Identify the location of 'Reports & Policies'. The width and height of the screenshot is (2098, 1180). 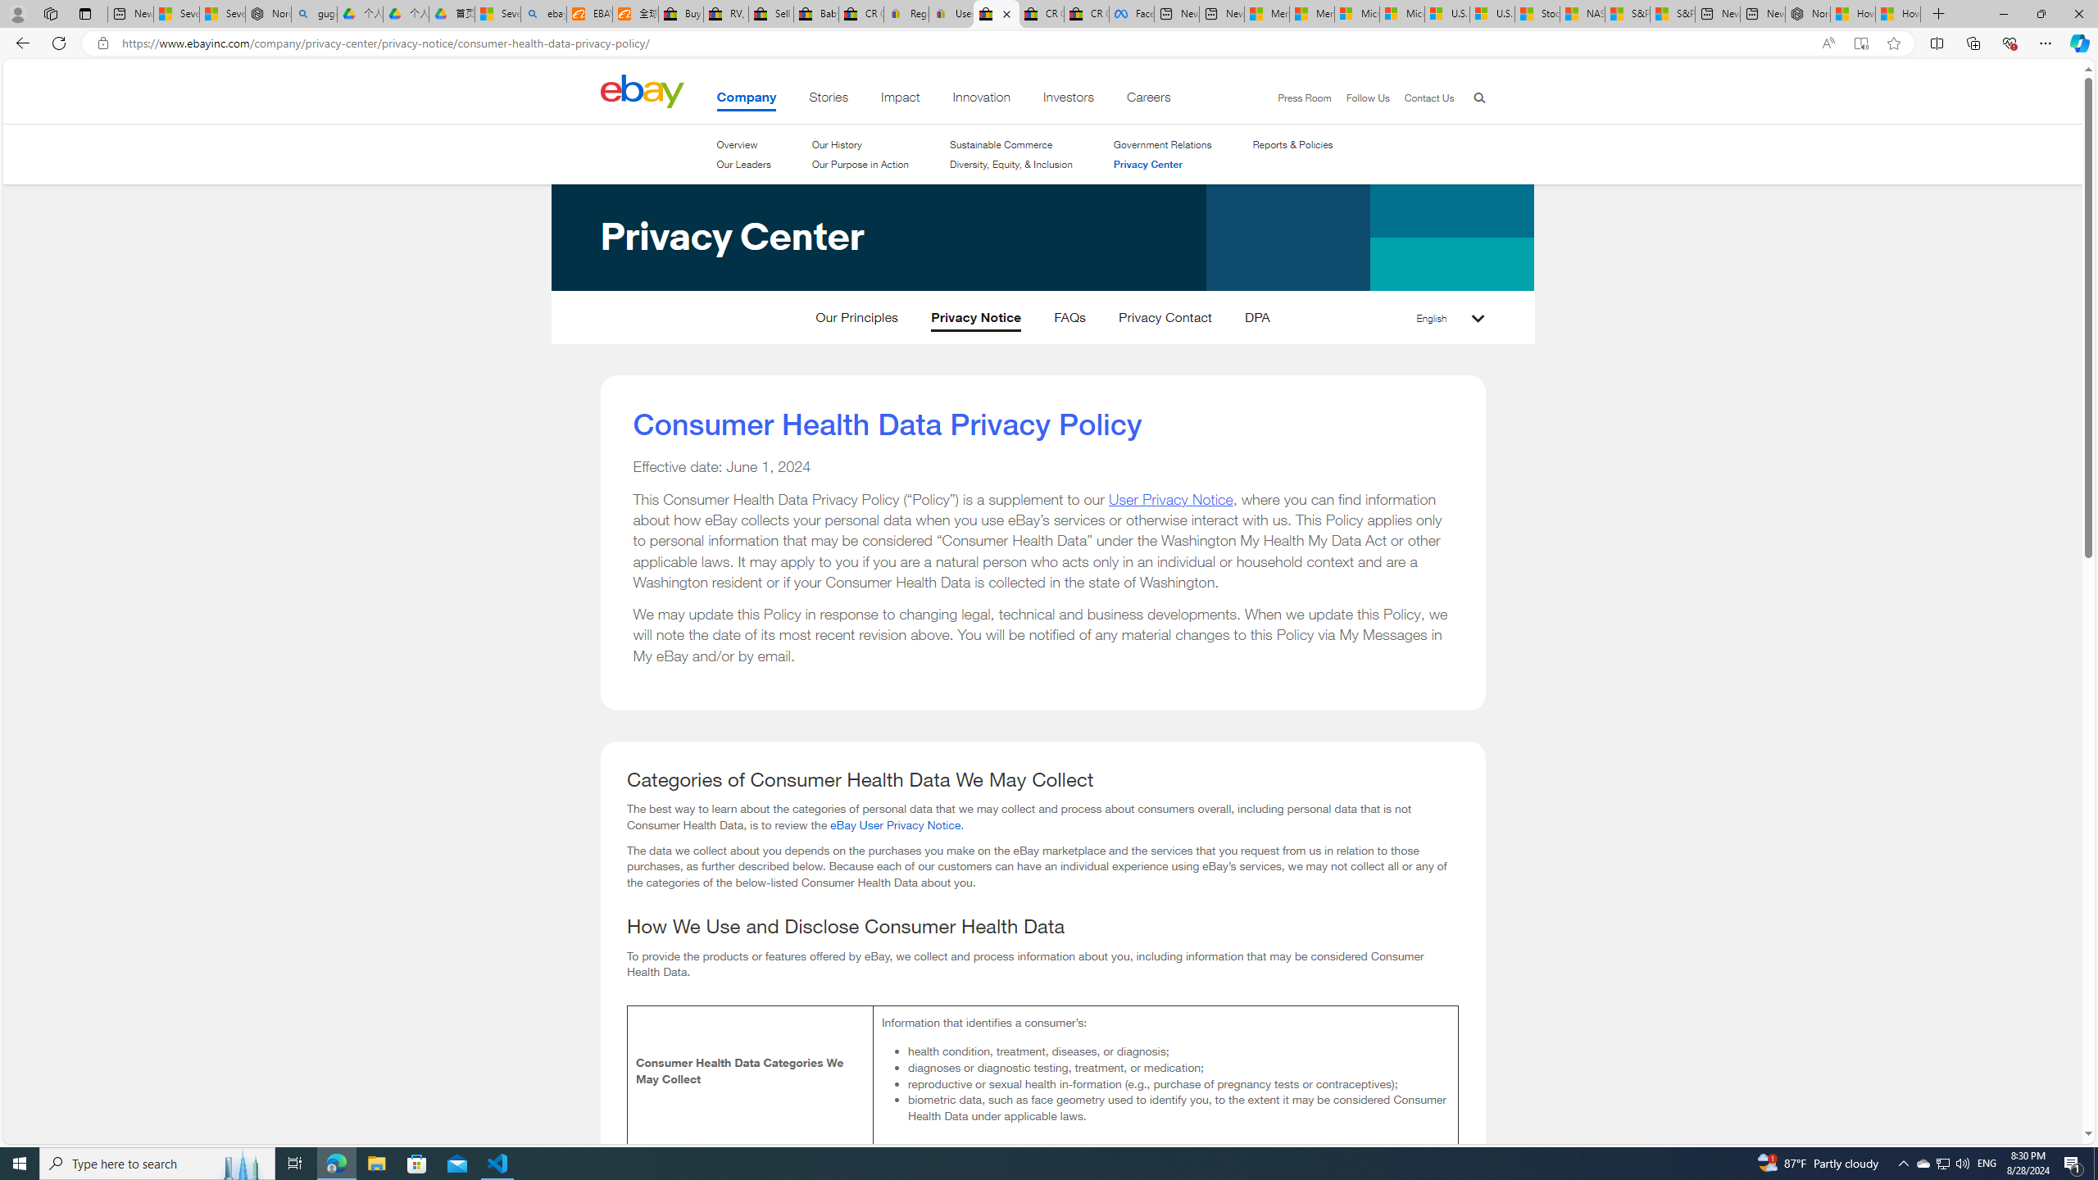
(1292, 144).